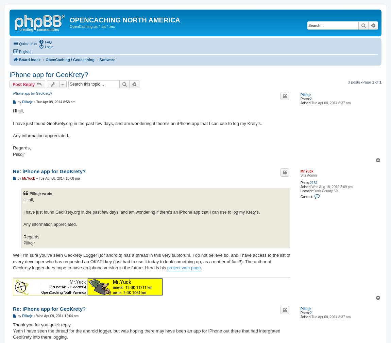 This screenshot has width=391, height=343. I want to click on 'Register', so click(25, 51).